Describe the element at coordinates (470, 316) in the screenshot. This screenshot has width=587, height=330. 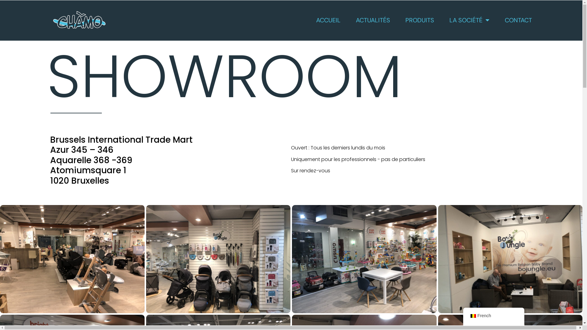
I see `'French'` at that location.